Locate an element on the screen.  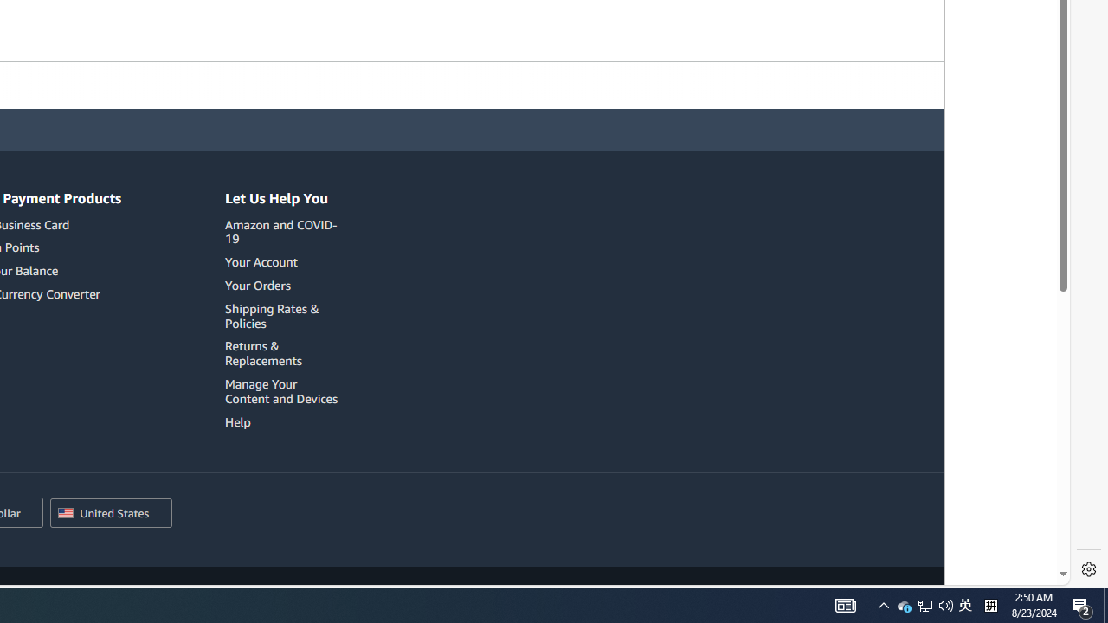
'Amazon and COVID-19' is located at coordinates (284, 231).